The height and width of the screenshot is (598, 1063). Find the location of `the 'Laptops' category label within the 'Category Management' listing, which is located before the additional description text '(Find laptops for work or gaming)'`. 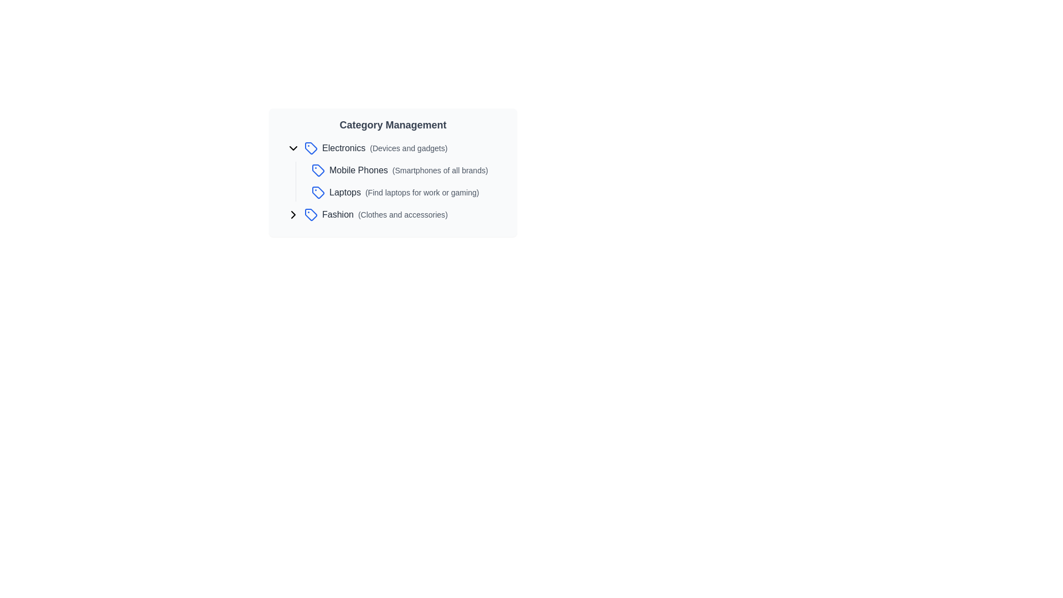

the 'Laptops' category label within the 'Category Management' listing, which is located before the additional description text '(Find laptops for work or gaming)' is located at coordinates (344, 192).